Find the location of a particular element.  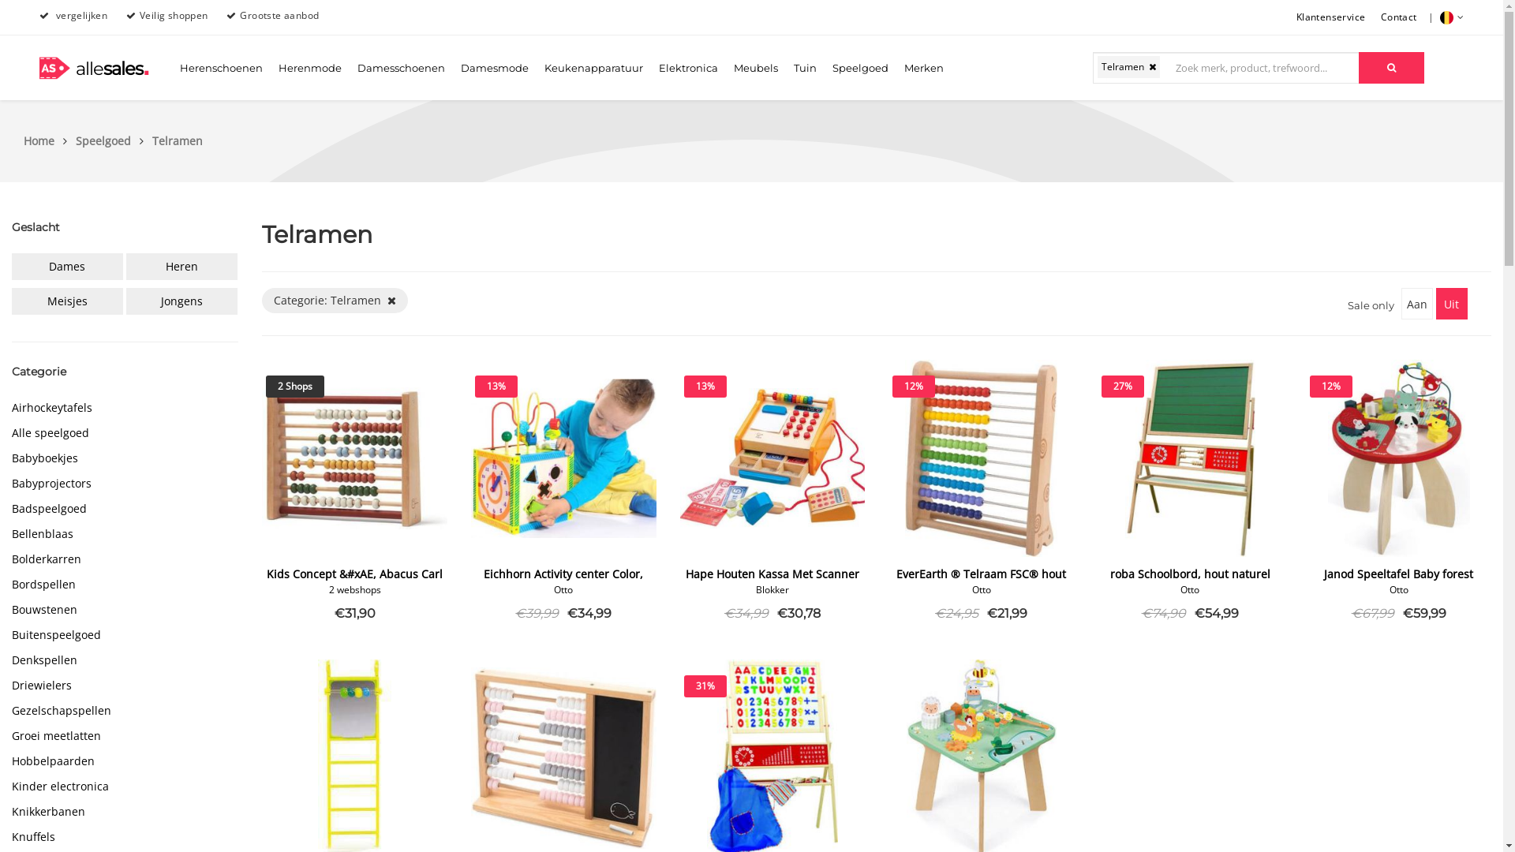

'Blokker' is located at coordinates (772, 589).